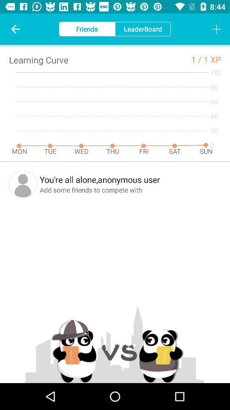 Image resolution: width=230 pixels, height=410 pixels. Describe the element at coordinates (38, 59) in the screenshot. I see `learning curve` at that location.